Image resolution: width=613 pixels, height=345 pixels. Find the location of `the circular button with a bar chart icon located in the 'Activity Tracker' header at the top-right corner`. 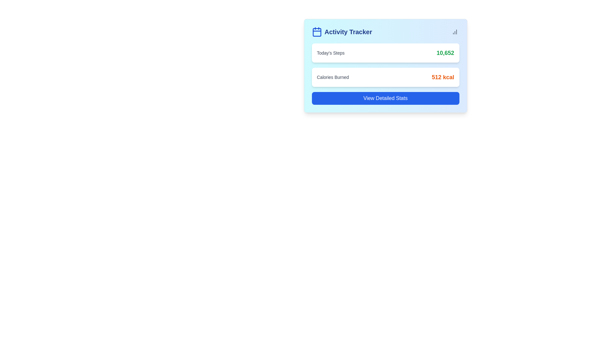

the circular button with a bar chart icon located in the 'Activity Tracker' header at the top-right corner is located at coordinates (454, 32).